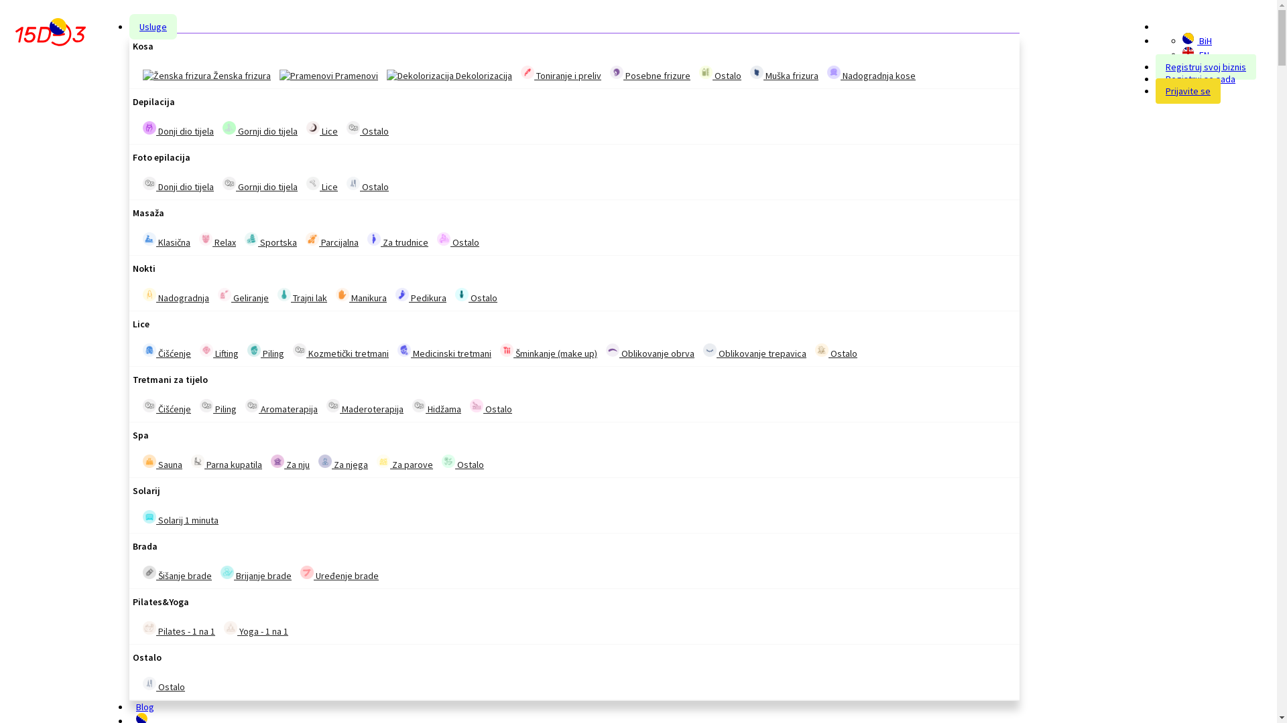 Image resolution: width=1287 pixels, height=723 pixels. I want to click on 'Usluge', so click(153, 26).